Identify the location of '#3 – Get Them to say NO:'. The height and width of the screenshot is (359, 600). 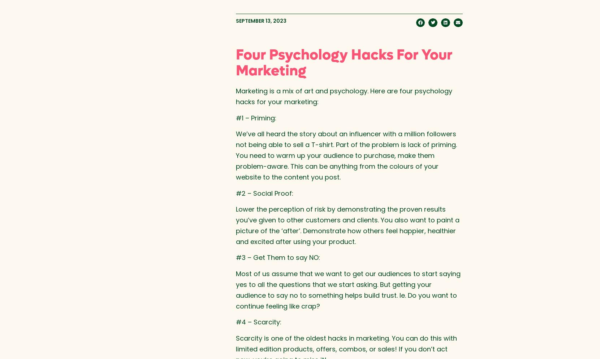
(277, 257).